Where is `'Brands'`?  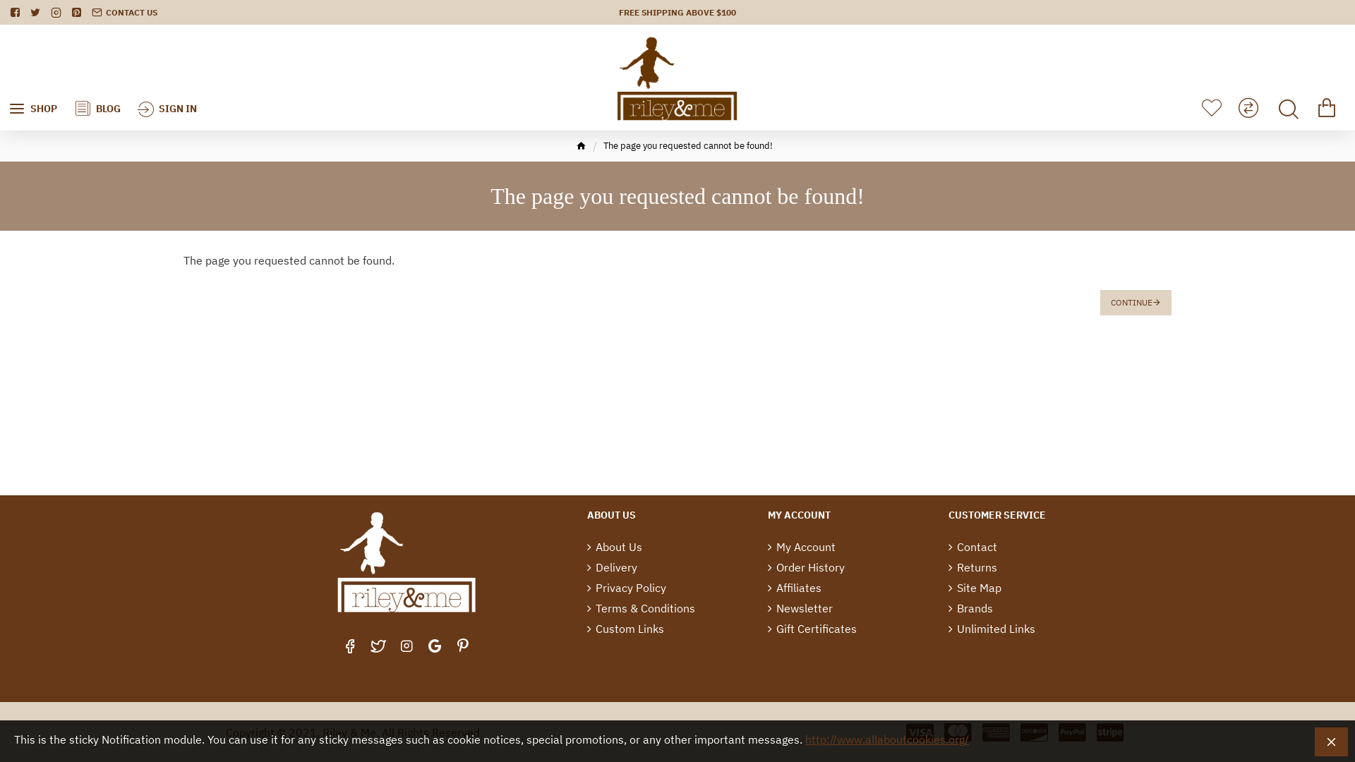 'Brands' is located at coordinates (970, 609).